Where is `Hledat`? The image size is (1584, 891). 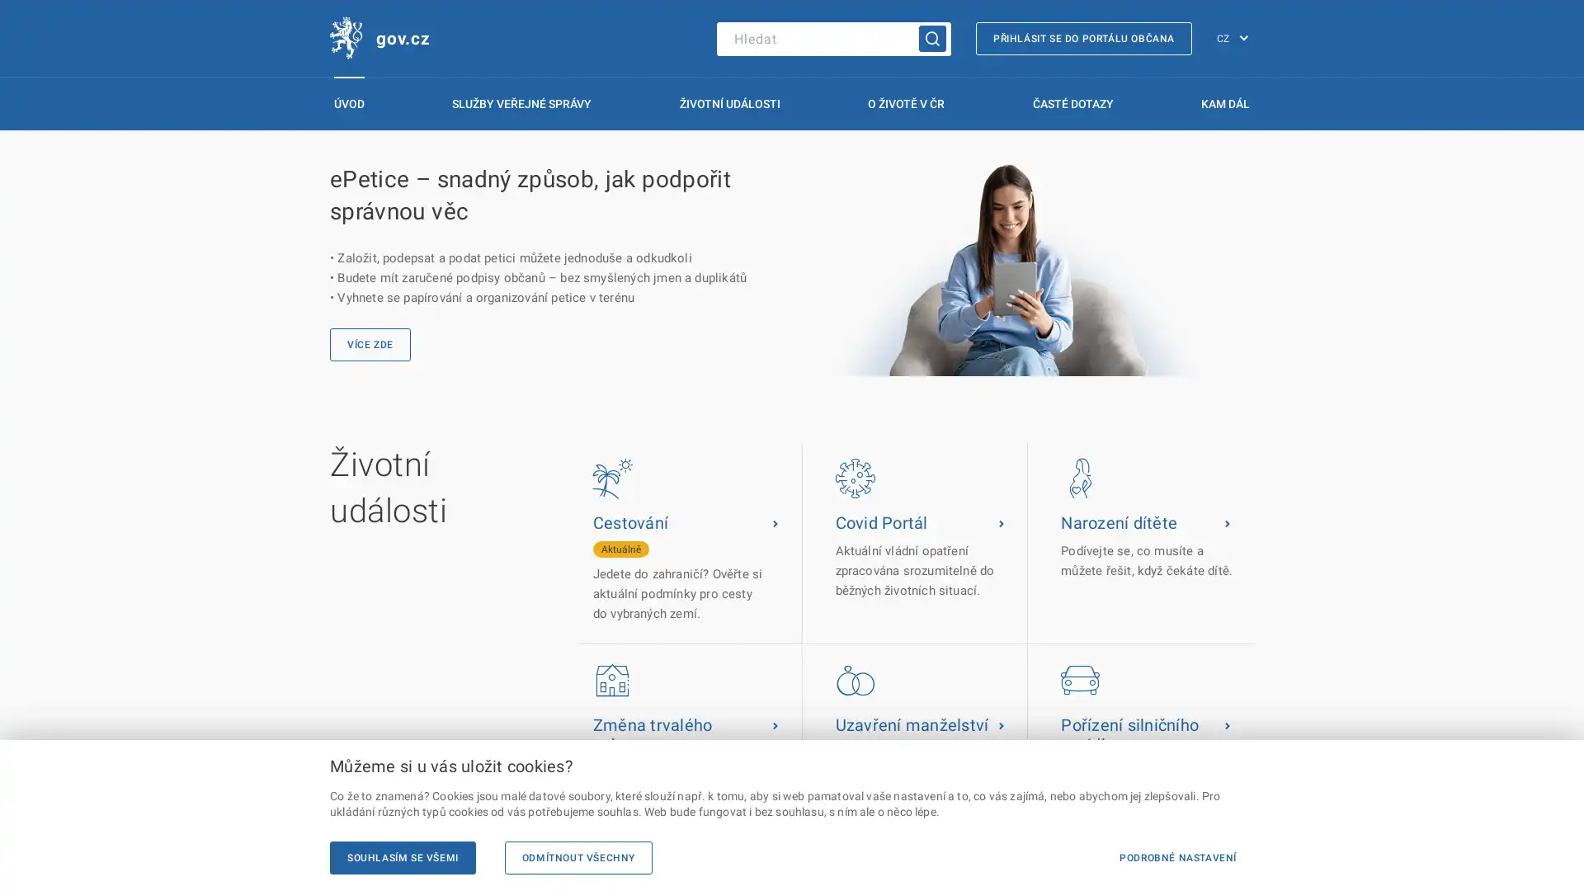
Hledat is located at coordinates (932, 37).